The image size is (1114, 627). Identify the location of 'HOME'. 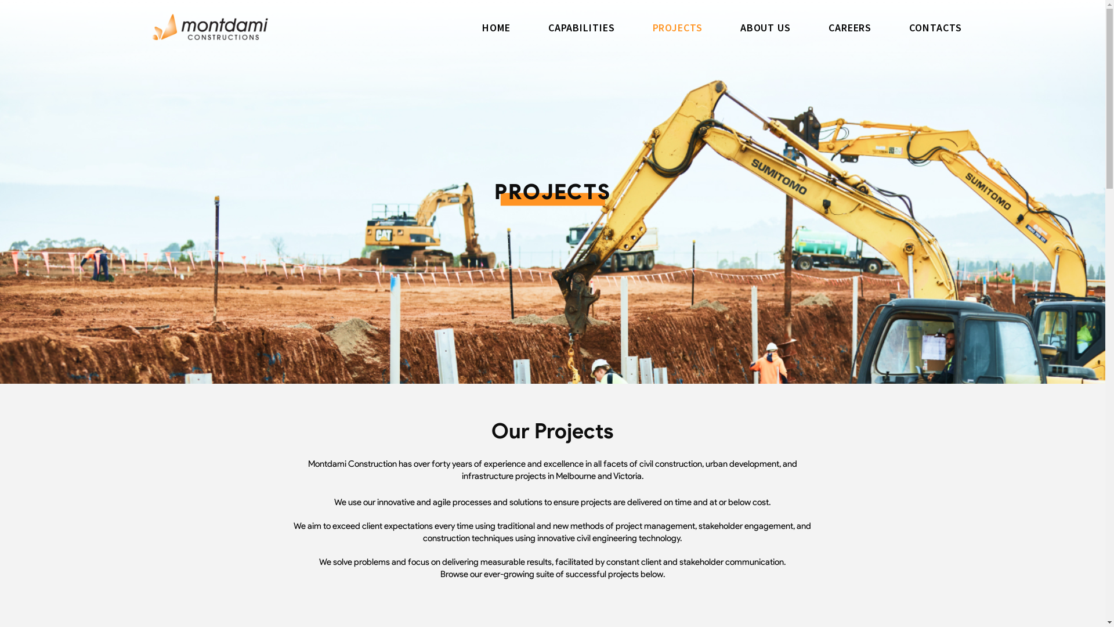
(496, 27).